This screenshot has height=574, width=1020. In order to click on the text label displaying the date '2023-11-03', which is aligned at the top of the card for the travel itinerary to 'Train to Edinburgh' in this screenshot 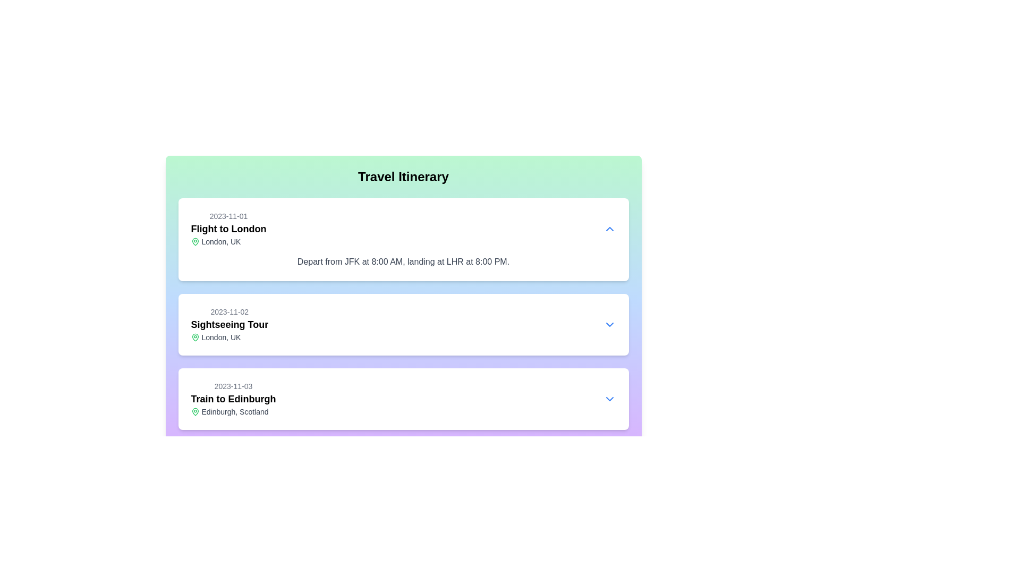, I will do `click(233, 386)`.